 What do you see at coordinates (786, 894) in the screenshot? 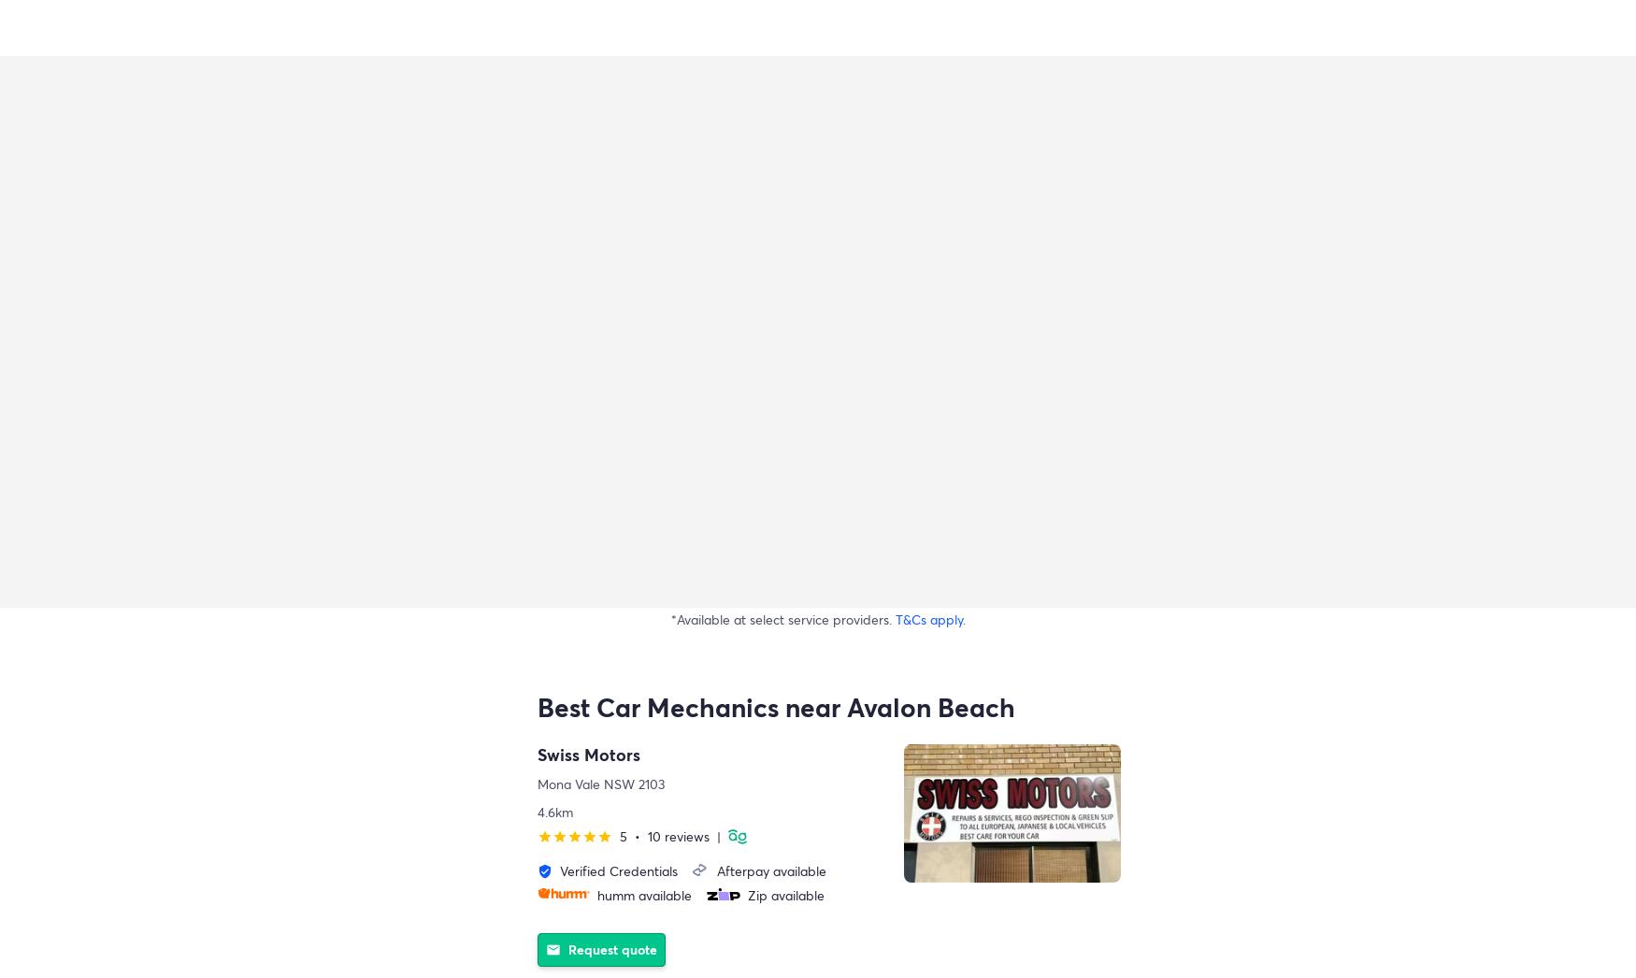
I see `'Zip available'` at bounding box center [786, 894].